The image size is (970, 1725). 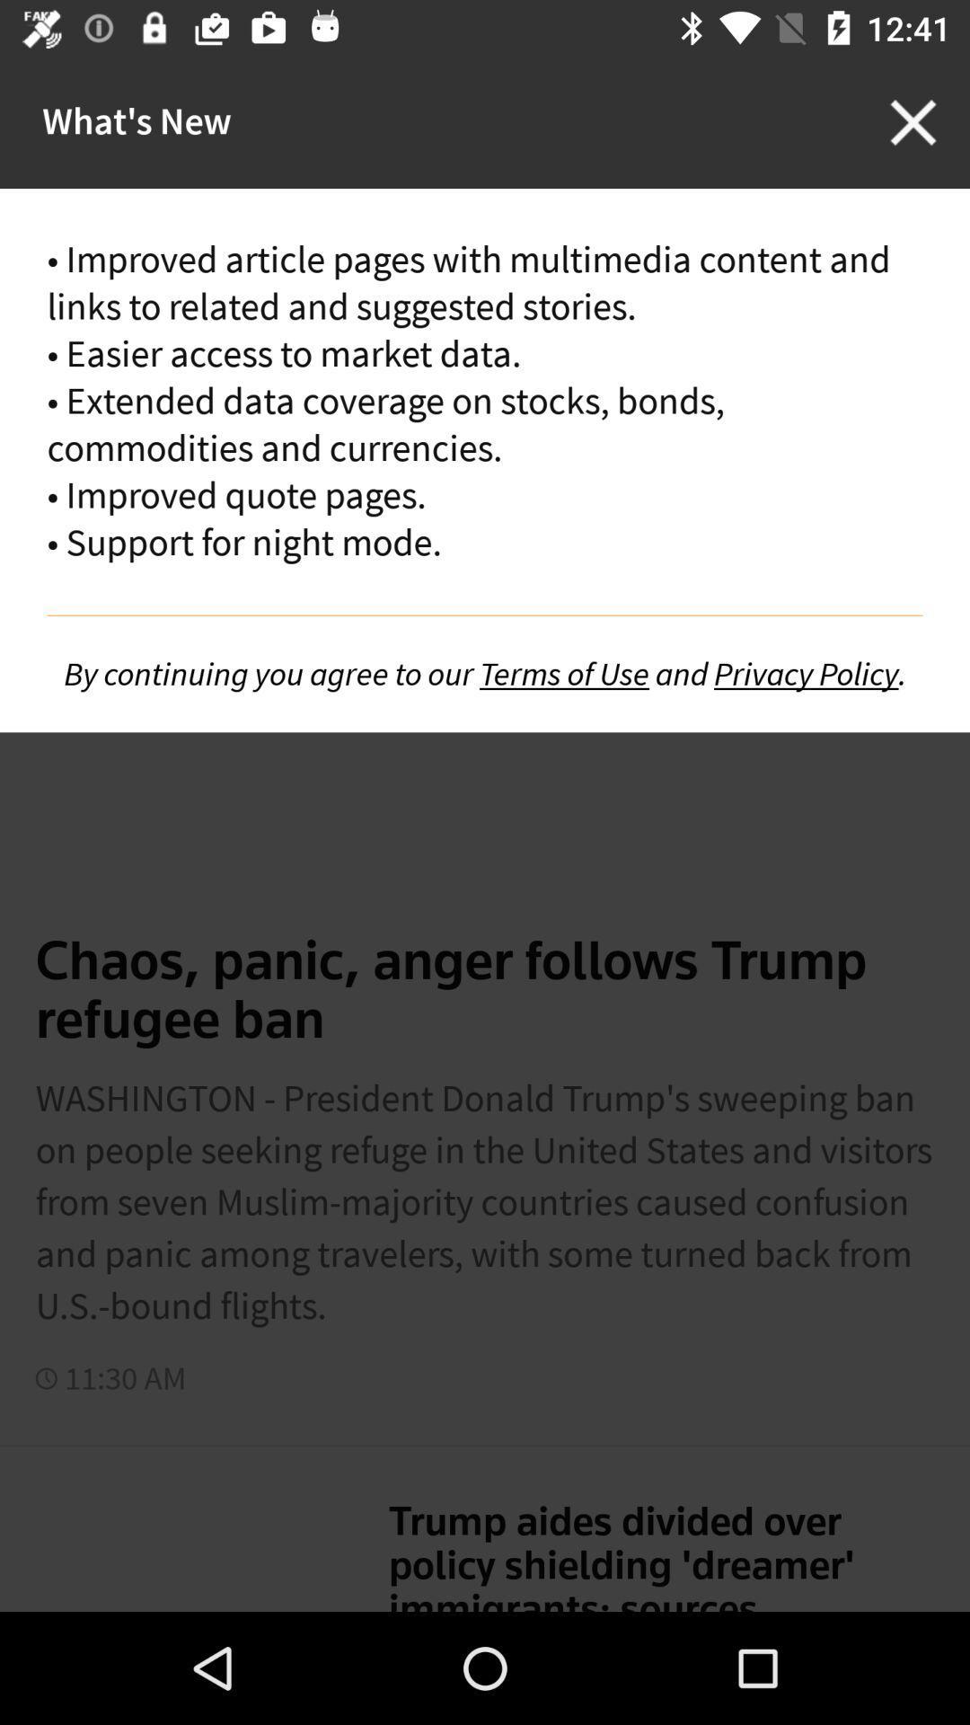 I want to click on the close icon on the top right corner of the screen, so click(x=913, y=122).